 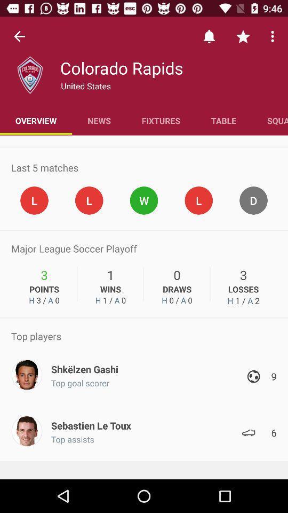 I want to click on the bell icon at top of the page, so click(x=210, y=36).